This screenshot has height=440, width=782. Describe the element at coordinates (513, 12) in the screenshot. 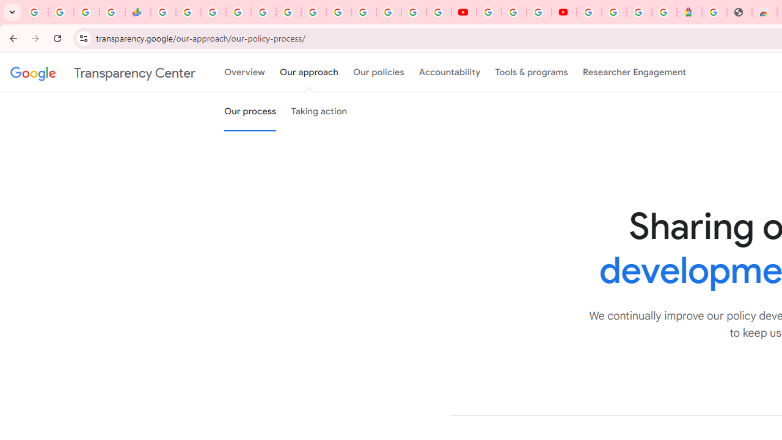

I see `'Google Account Help'` at that location.